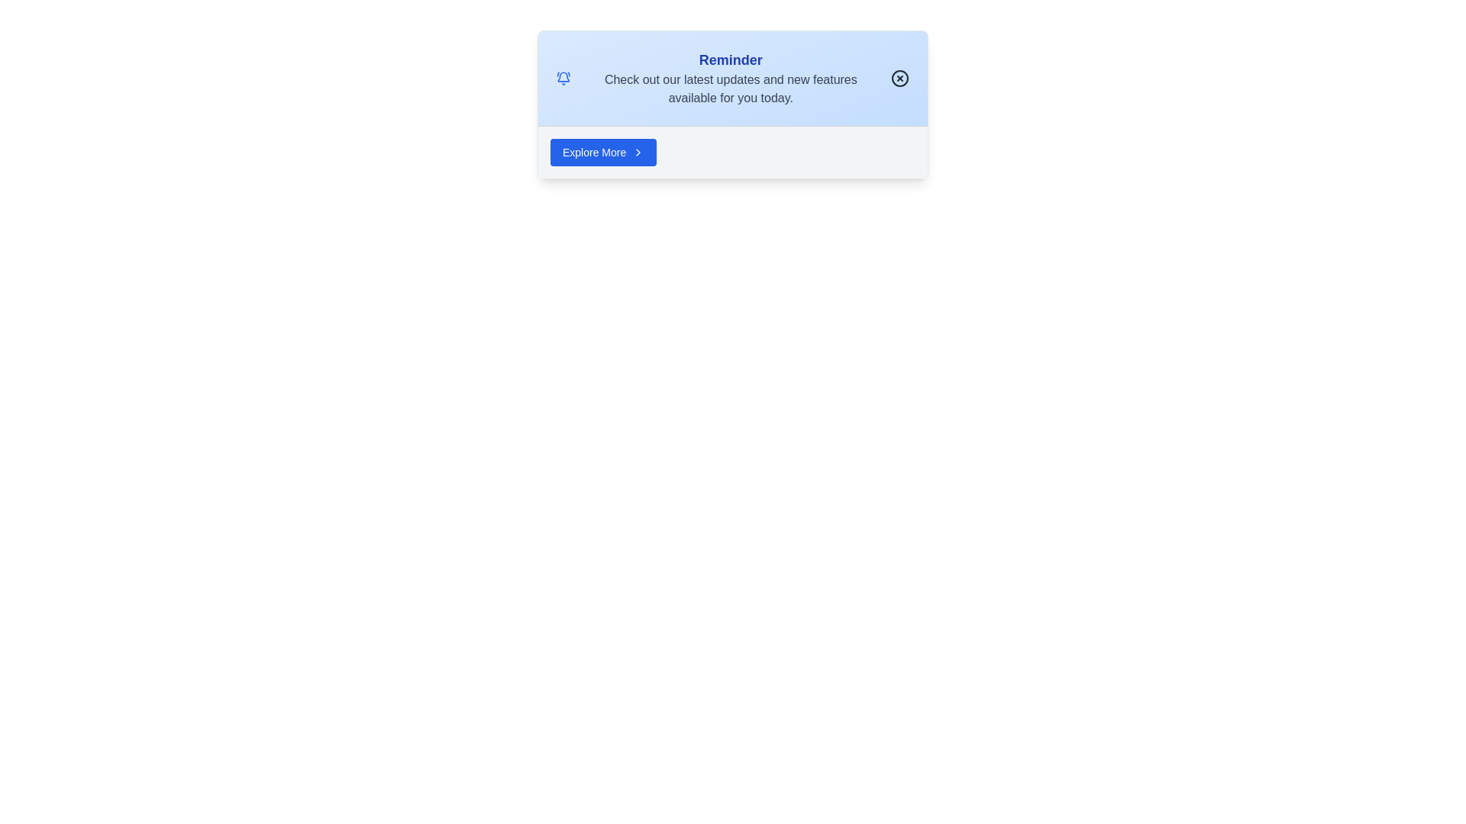  What do you see at coordinates (638, 153) in the screenshot?
I see `the chevron icon that indicates further options for the 'Explore More' button, located to the right of the button text` at bounding box center [638, 153].